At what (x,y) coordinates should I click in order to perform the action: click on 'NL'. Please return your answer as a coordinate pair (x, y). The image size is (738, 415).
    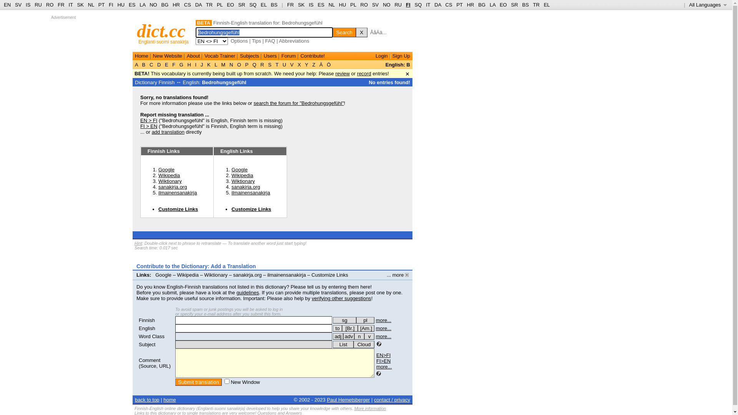
    Looking at the image, I should click on (91, 5).